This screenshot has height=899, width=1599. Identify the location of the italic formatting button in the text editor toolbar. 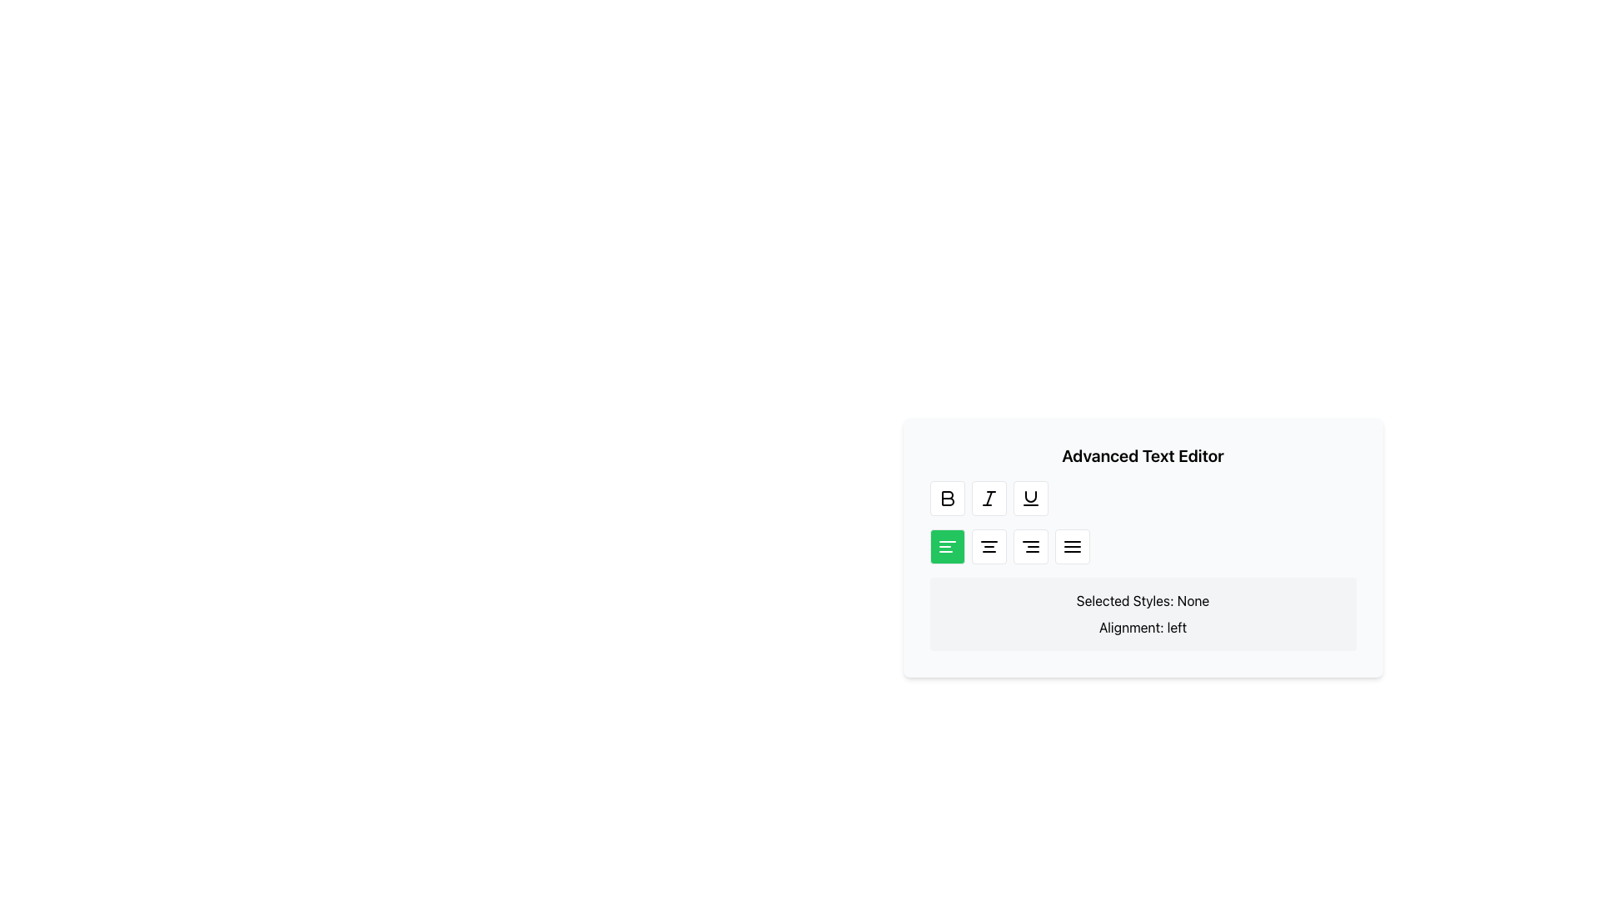
(989, 497).